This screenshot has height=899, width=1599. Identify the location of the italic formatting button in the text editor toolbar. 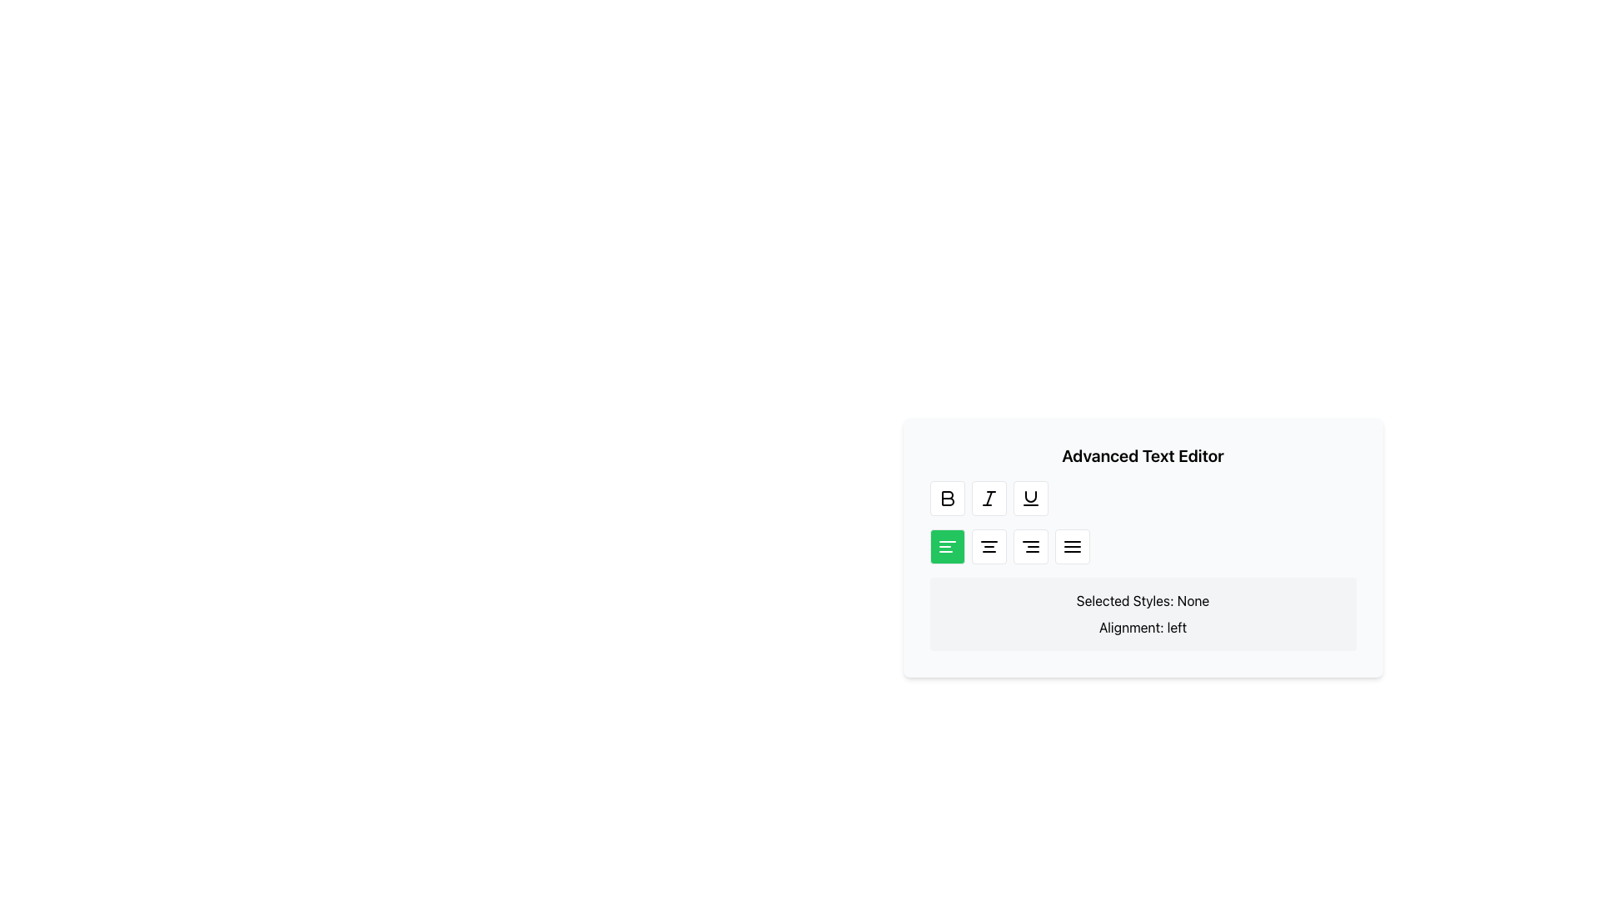
(989, 497).